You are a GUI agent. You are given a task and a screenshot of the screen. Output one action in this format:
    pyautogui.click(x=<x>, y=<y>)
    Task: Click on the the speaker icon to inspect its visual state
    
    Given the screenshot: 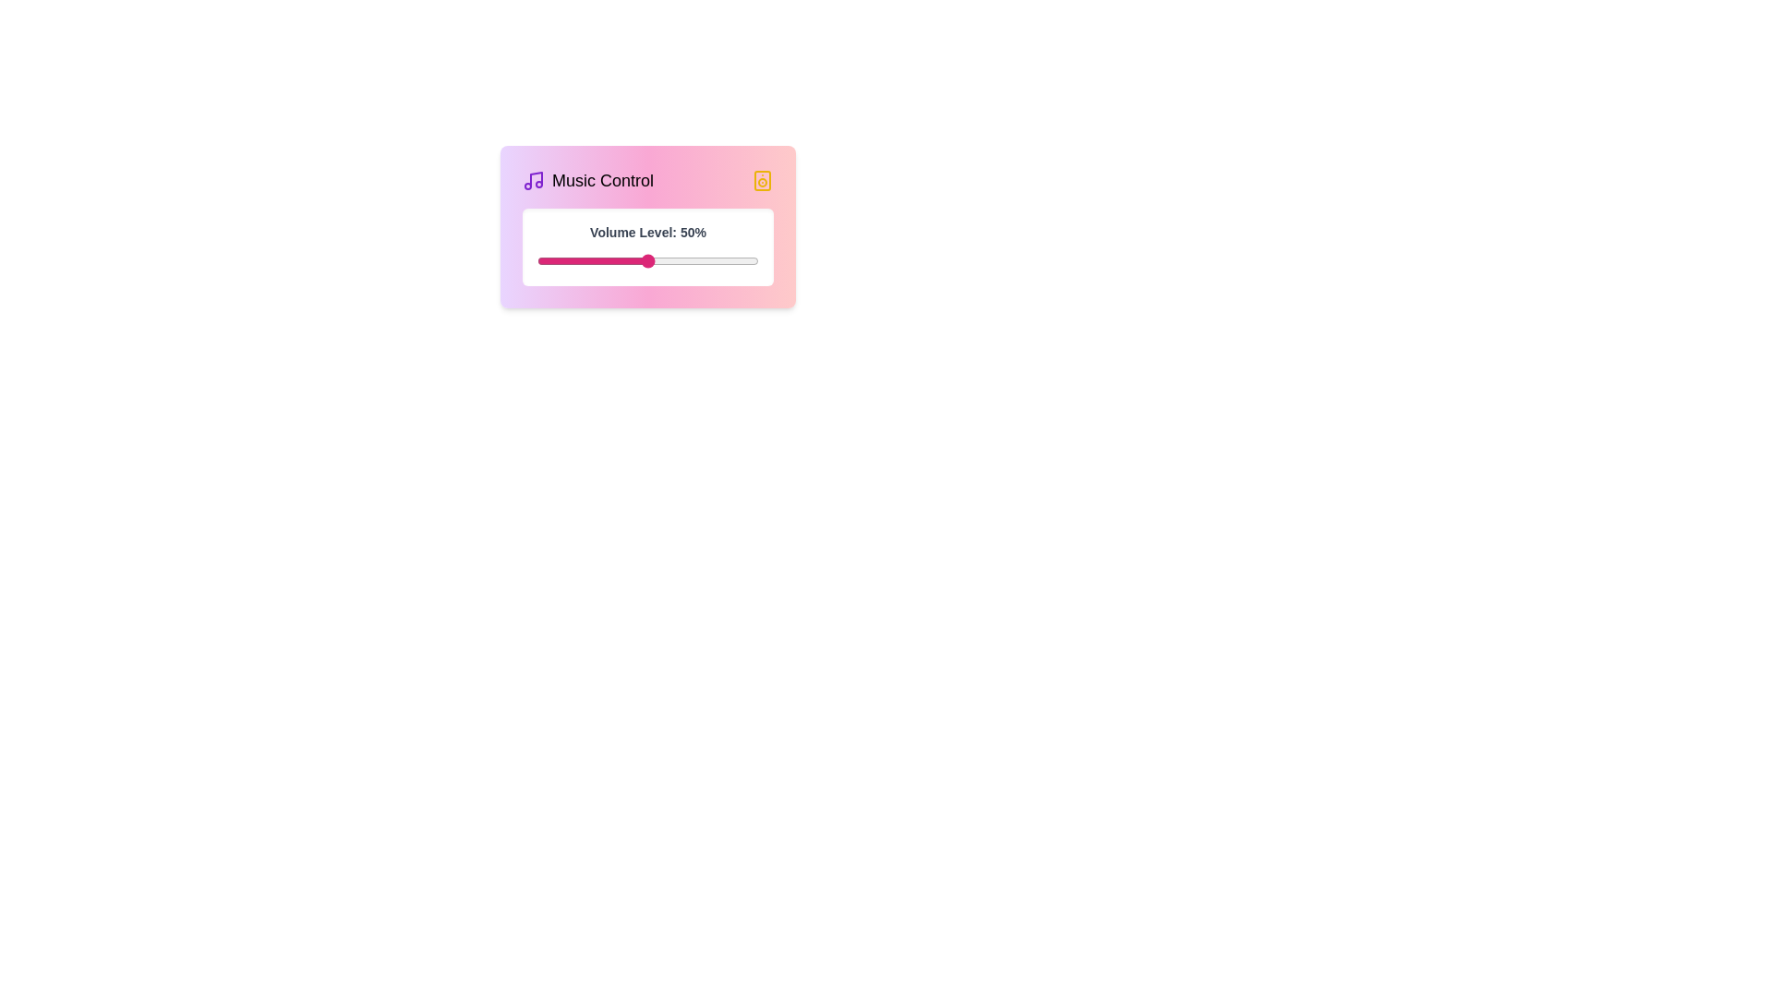 What is the action you would take?
    pyautogui.click(x=762, y=181)
    